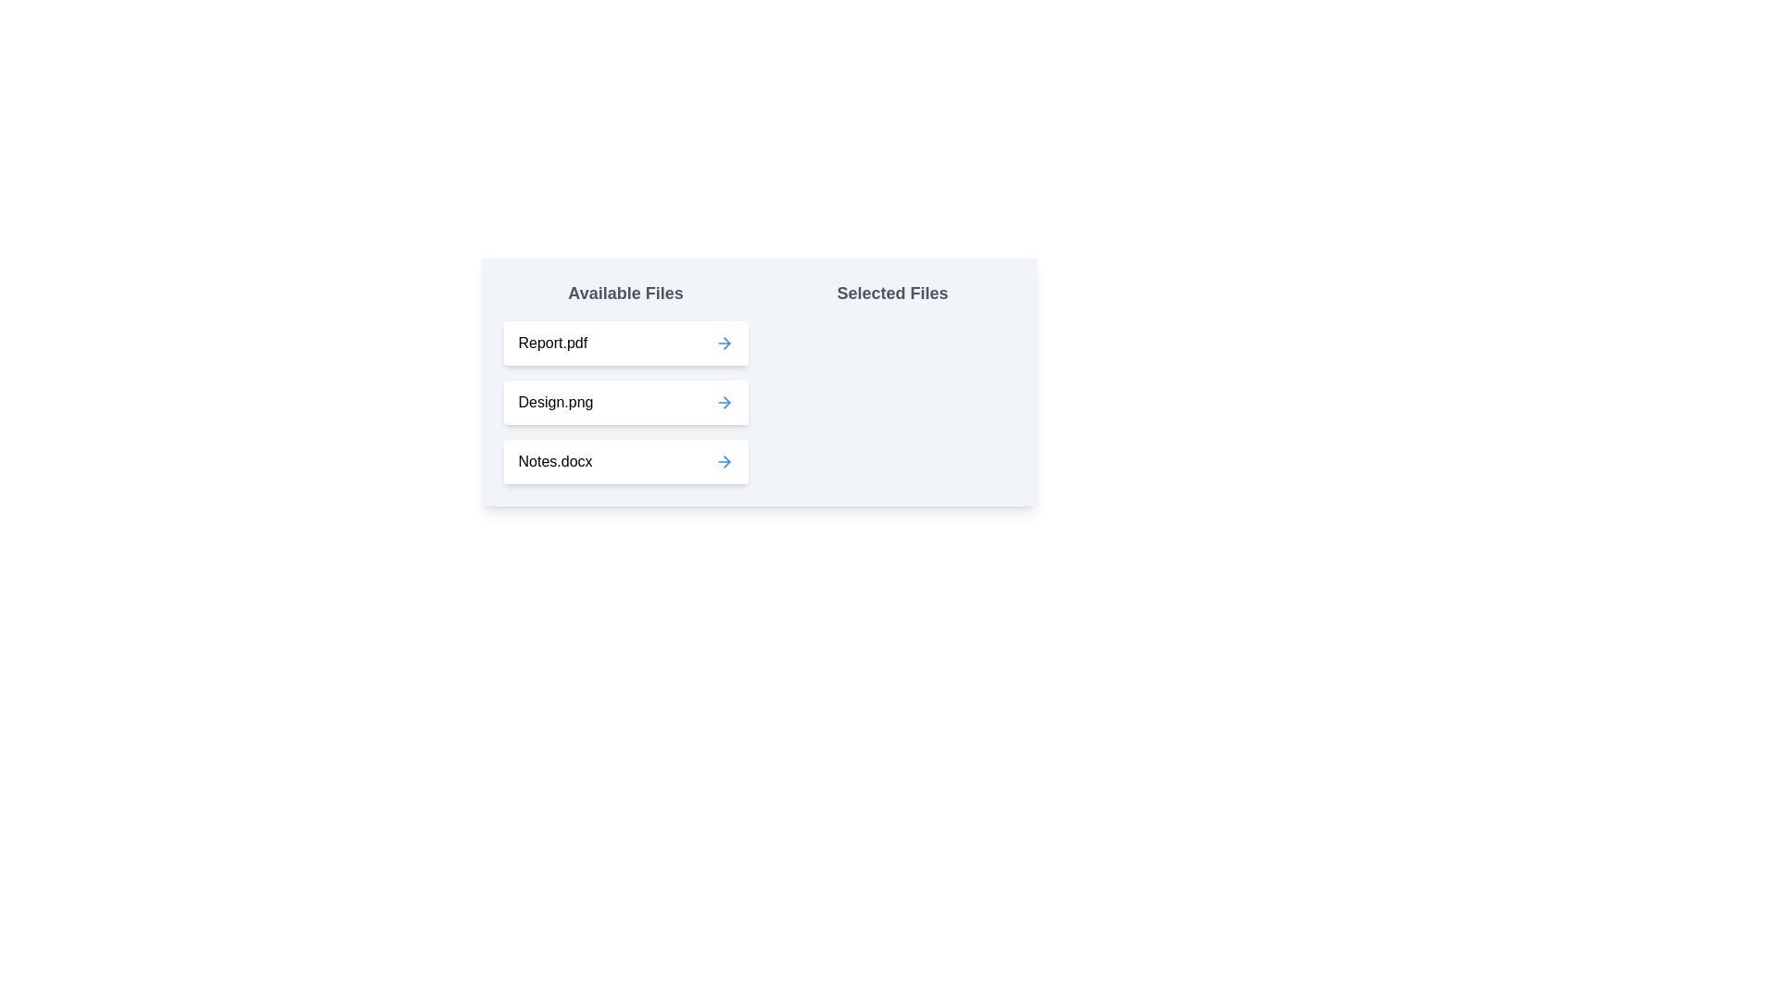 The height and width of the screenshot is (1000, 1779). What do you see at coordinates (625, 402) in the screenshot?
I see `the 'Design.png' file entry with action button, which is the second item in the 'Available Files' section` at bounding box center [625, 402].